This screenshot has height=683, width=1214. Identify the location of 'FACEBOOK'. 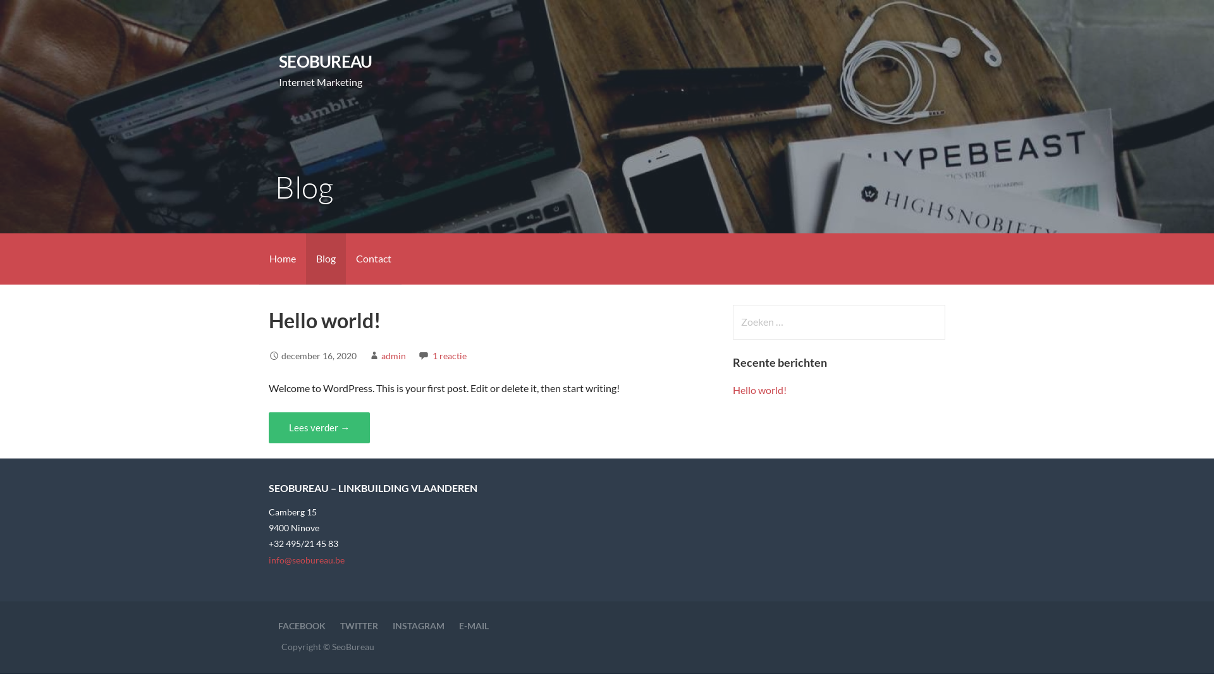
(301, 625).